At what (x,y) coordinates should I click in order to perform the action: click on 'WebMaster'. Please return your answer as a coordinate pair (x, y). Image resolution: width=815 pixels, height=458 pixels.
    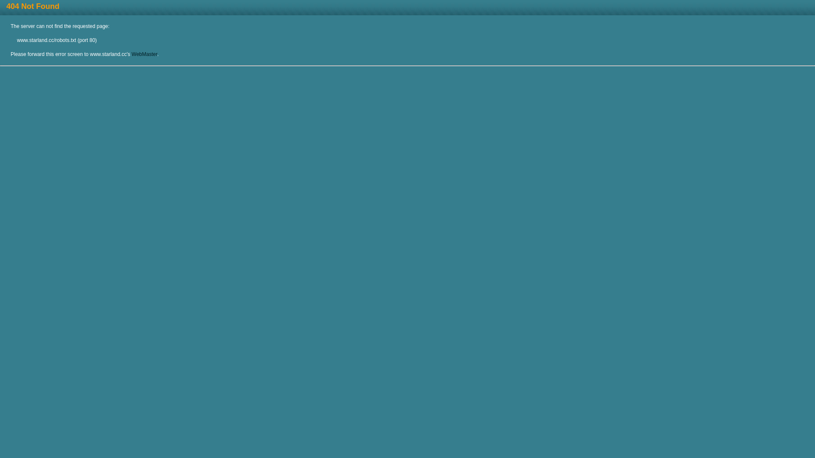
    Looking at the image, I should click on (144, 54).